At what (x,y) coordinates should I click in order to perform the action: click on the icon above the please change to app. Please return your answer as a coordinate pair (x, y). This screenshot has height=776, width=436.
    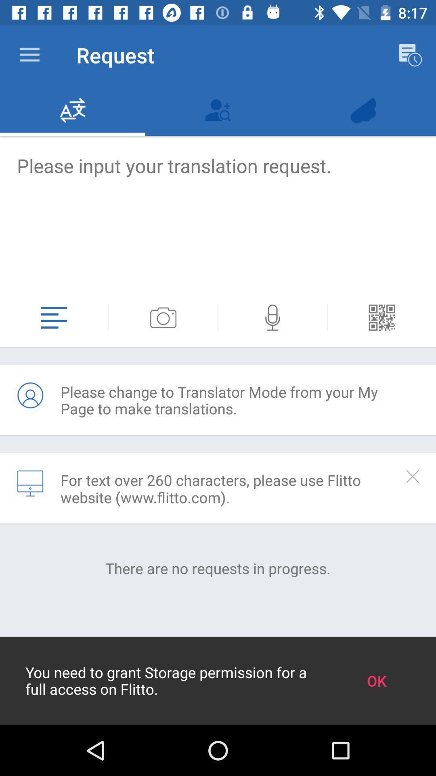
    Looking at the image, I should click on (272, 317).